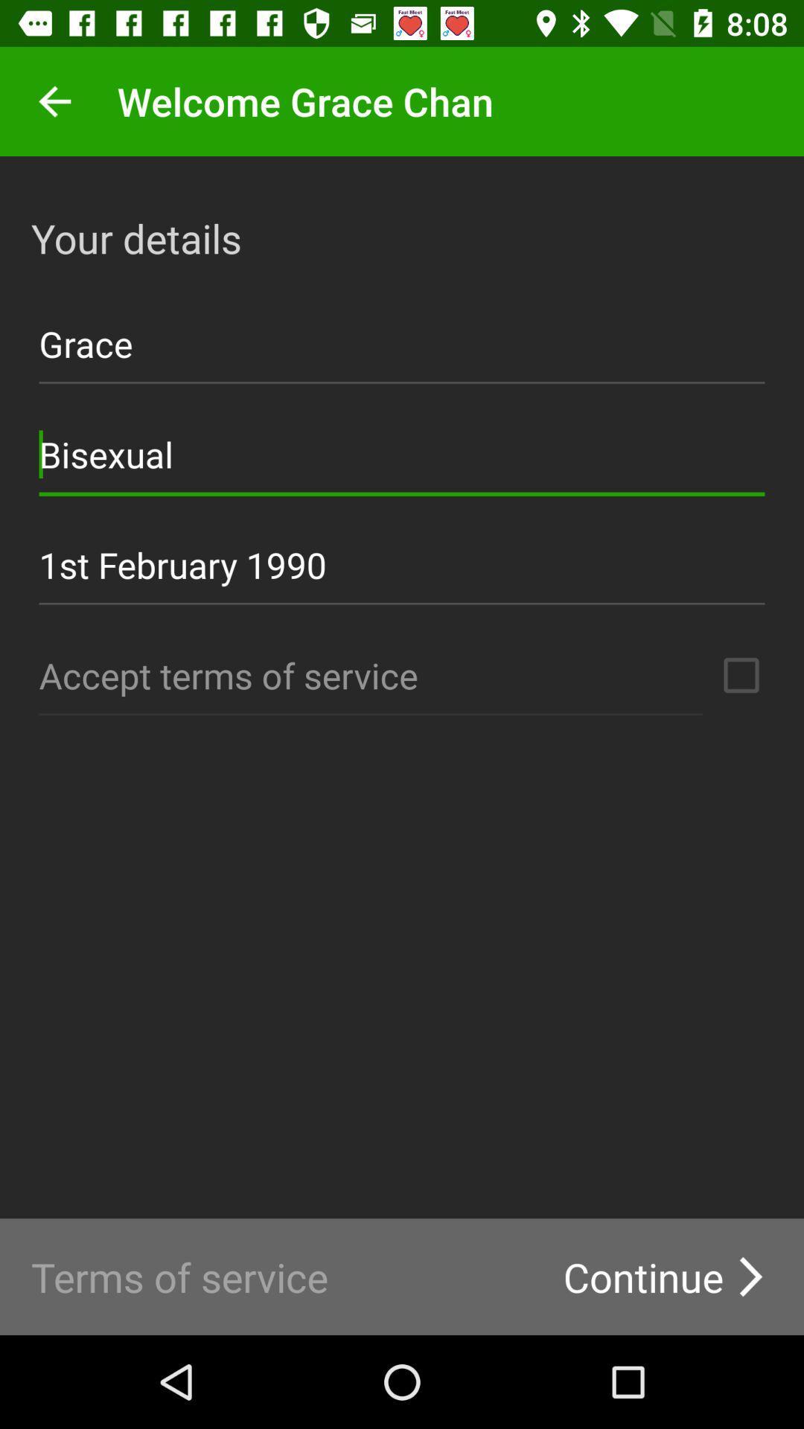 The width and height of the screenshot is (804, 1429). What do you see at coordinates (741, 674) in the screenshot?
I see `check mark` at bounding box center [741, 674].